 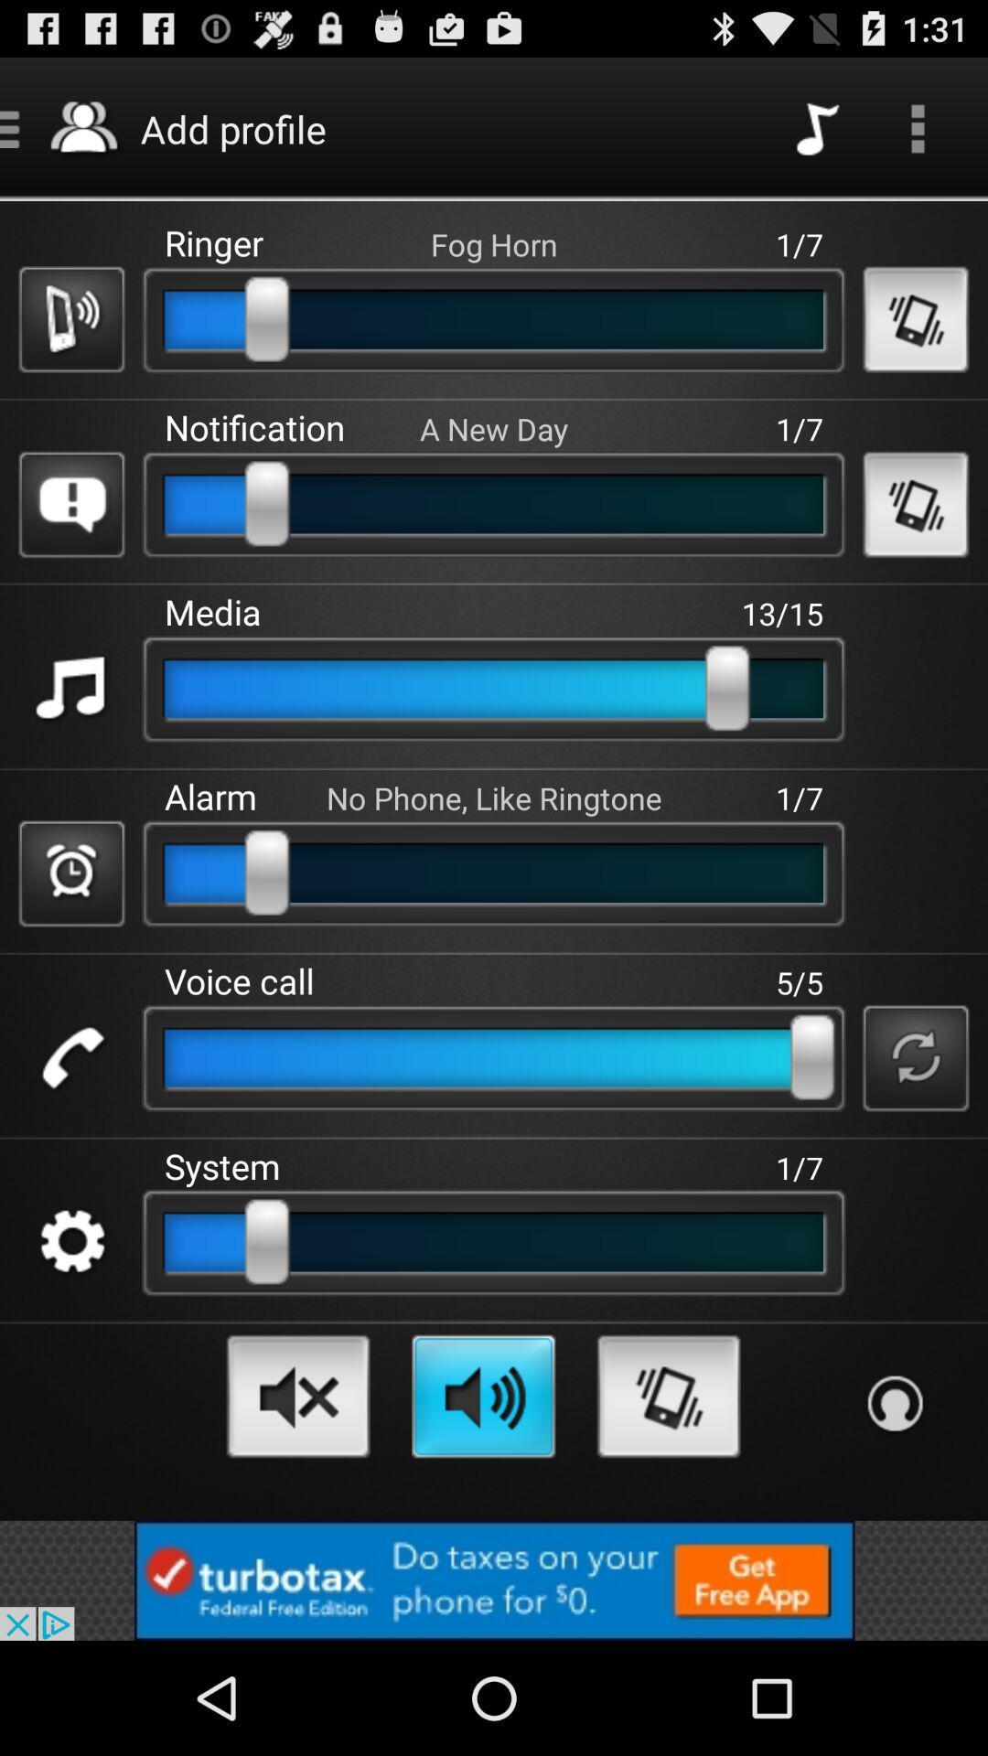 I want to click on vibrate, so click(x=916, y=319).